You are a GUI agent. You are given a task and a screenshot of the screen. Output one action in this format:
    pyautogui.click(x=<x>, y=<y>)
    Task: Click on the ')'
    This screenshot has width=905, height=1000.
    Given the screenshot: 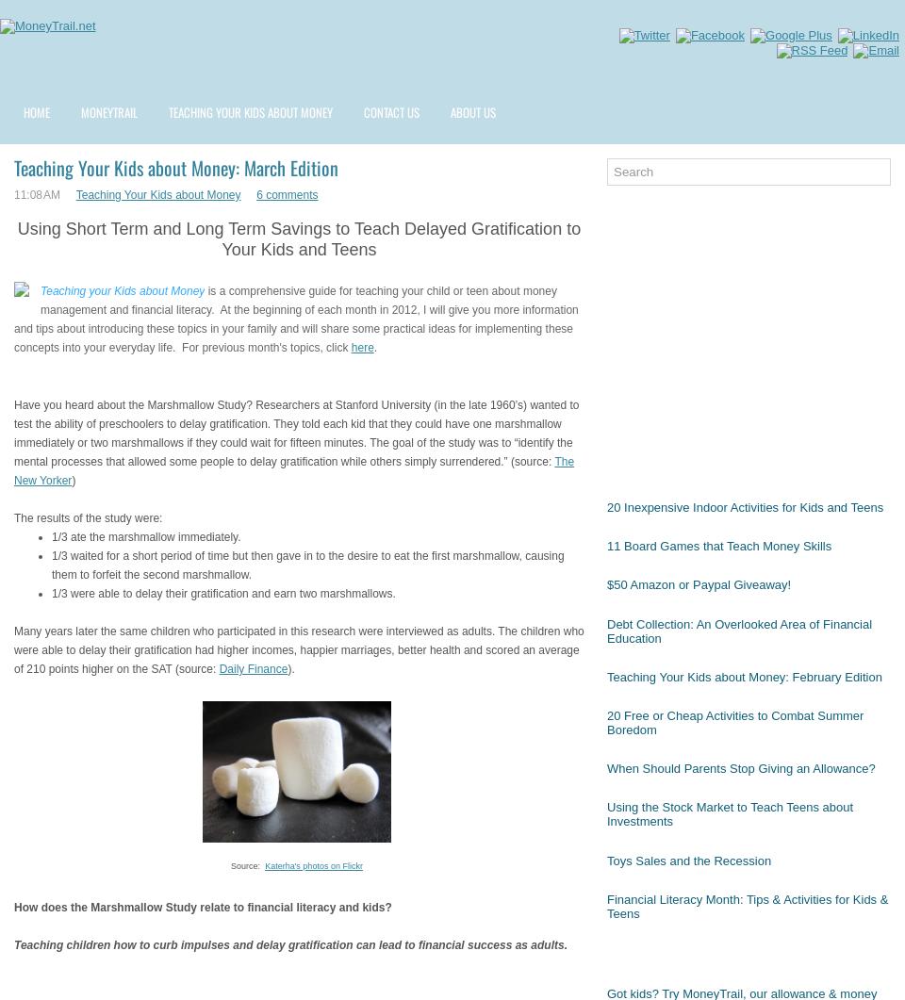 What is the action you would take?
    pyautogui.click(x=73, y=481)
    